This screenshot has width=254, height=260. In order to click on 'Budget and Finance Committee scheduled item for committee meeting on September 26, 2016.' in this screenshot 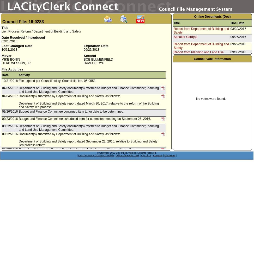, I will do `click(85, 119)`.